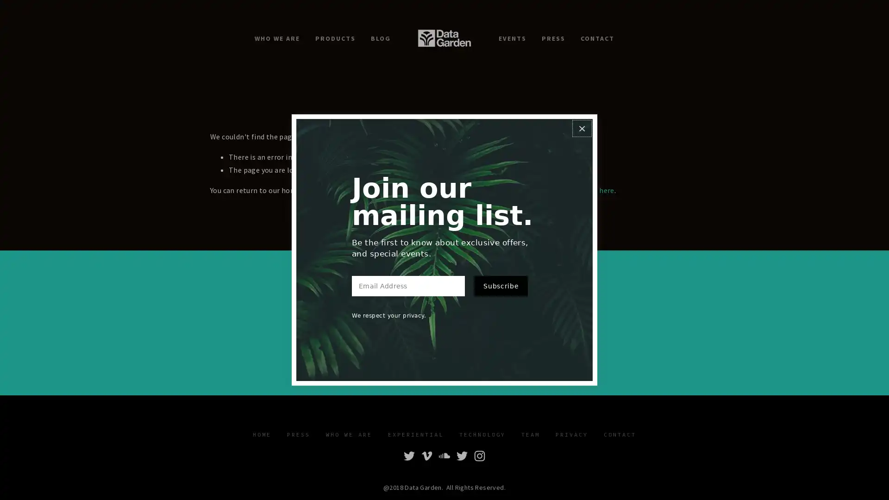 This screenshot has height=500, width=889. I want to click on SIGN UP, so click(502, 337).